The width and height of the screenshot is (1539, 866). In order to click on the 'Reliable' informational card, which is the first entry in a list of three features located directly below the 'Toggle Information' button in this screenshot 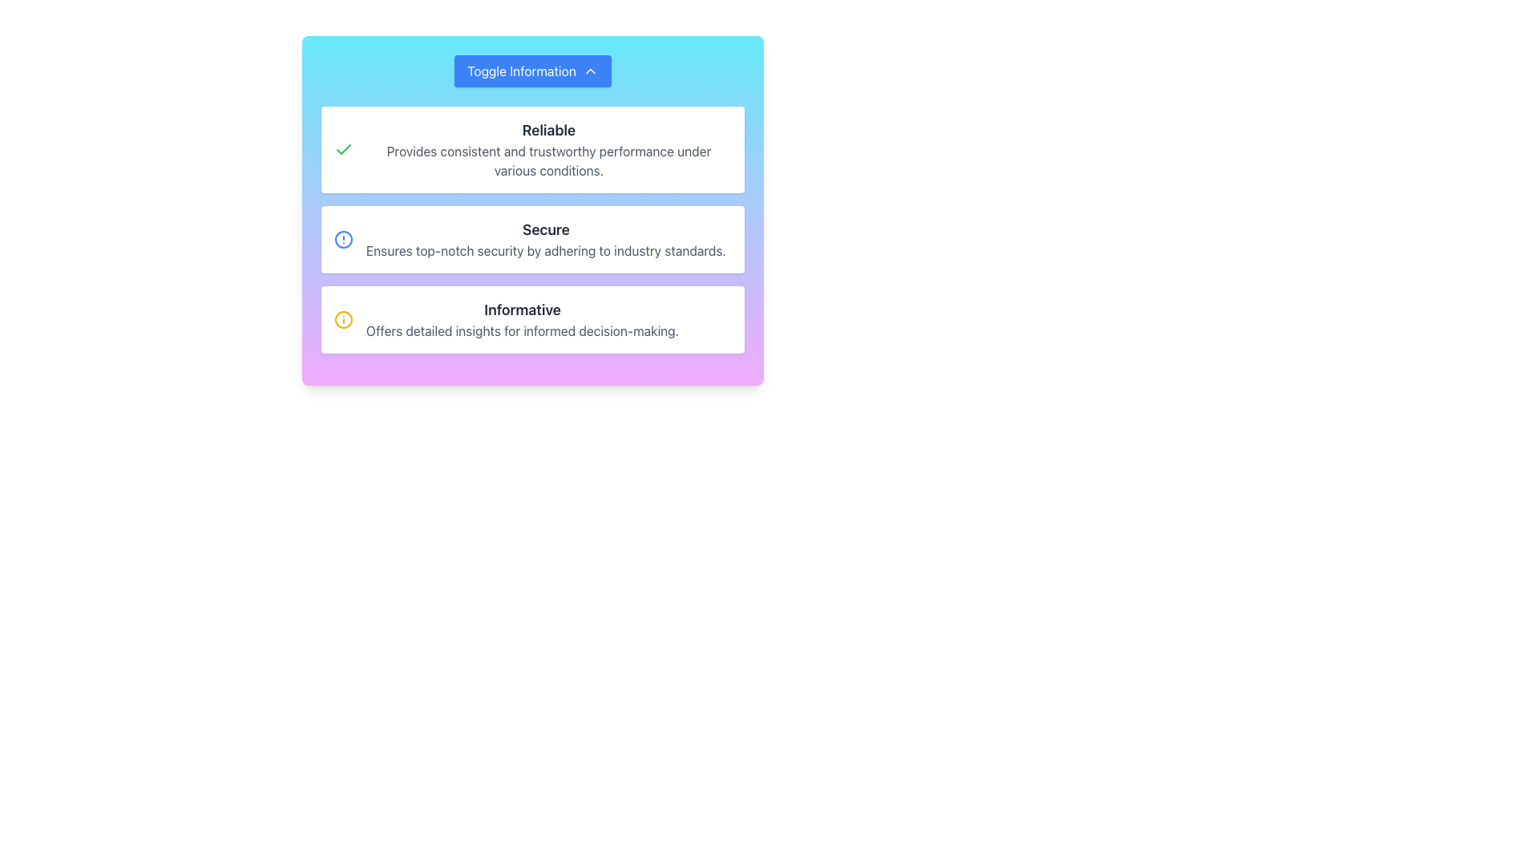, I will do `click(533, 149)`.